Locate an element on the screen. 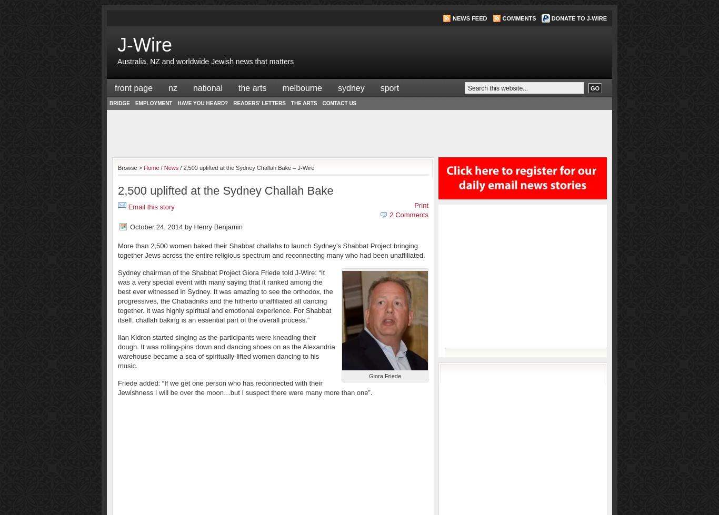  '/' is located at coordinates (161, 167).